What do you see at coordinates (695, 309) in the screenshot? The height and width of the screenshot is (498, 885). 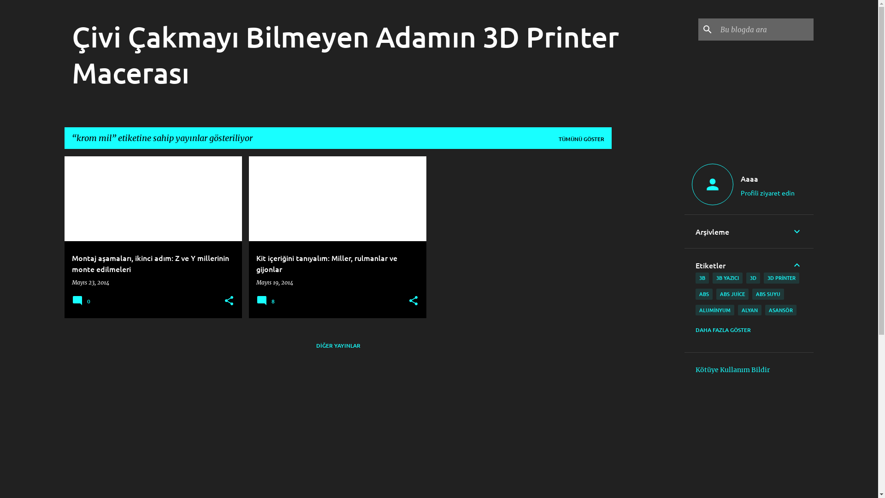 I see `'ALUMINYUM'` at bounding box center [695, 309].